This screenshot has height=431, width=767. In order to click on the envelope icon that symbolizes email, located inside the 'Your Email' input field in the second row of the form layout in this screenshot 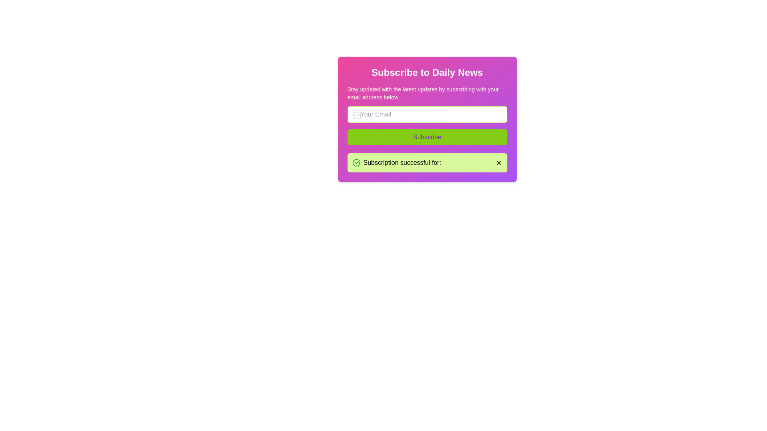, I will do `click(356, 116)`.